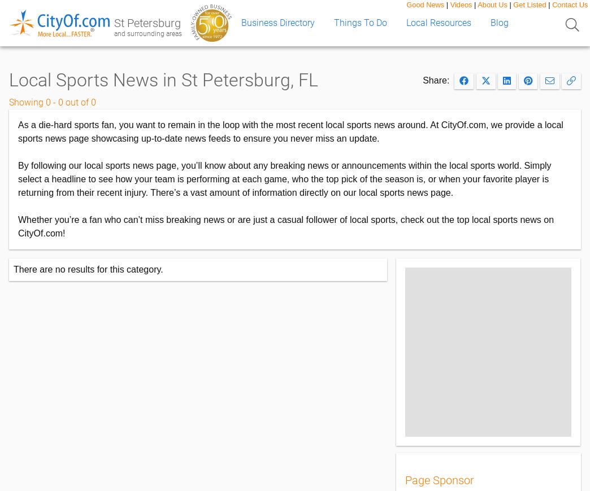 Image resolution: width=590 pixels, height=491 pixels. What do you see at coordinates (406, 4) in the screenshot?
I see `'Good News'` at bounding box center [406, 4].